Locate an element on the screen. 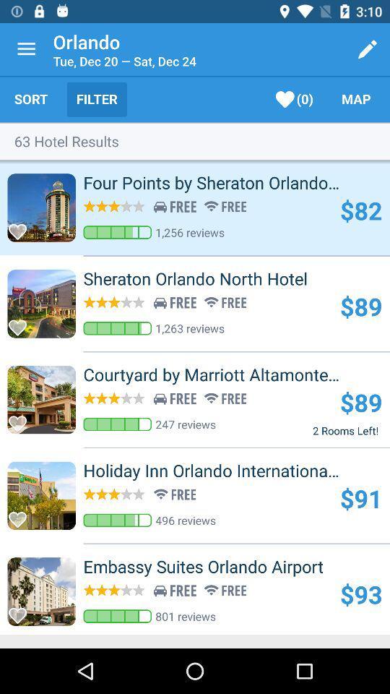 This screenshot has width=390, height=694. favorite is located at coordinates (21, 419).